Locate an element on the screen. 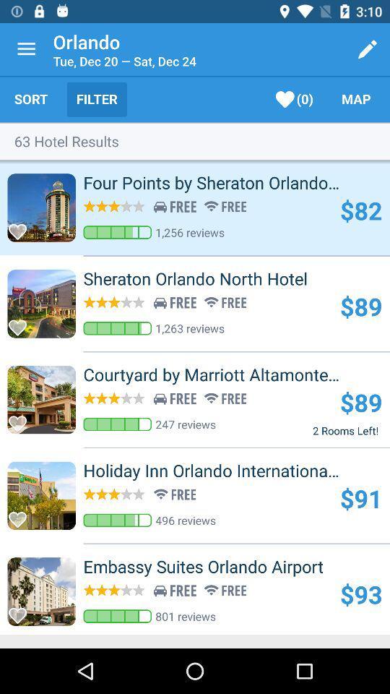 This screenshot has width=390, height=694. favorite is located at coordinates (21, 419).